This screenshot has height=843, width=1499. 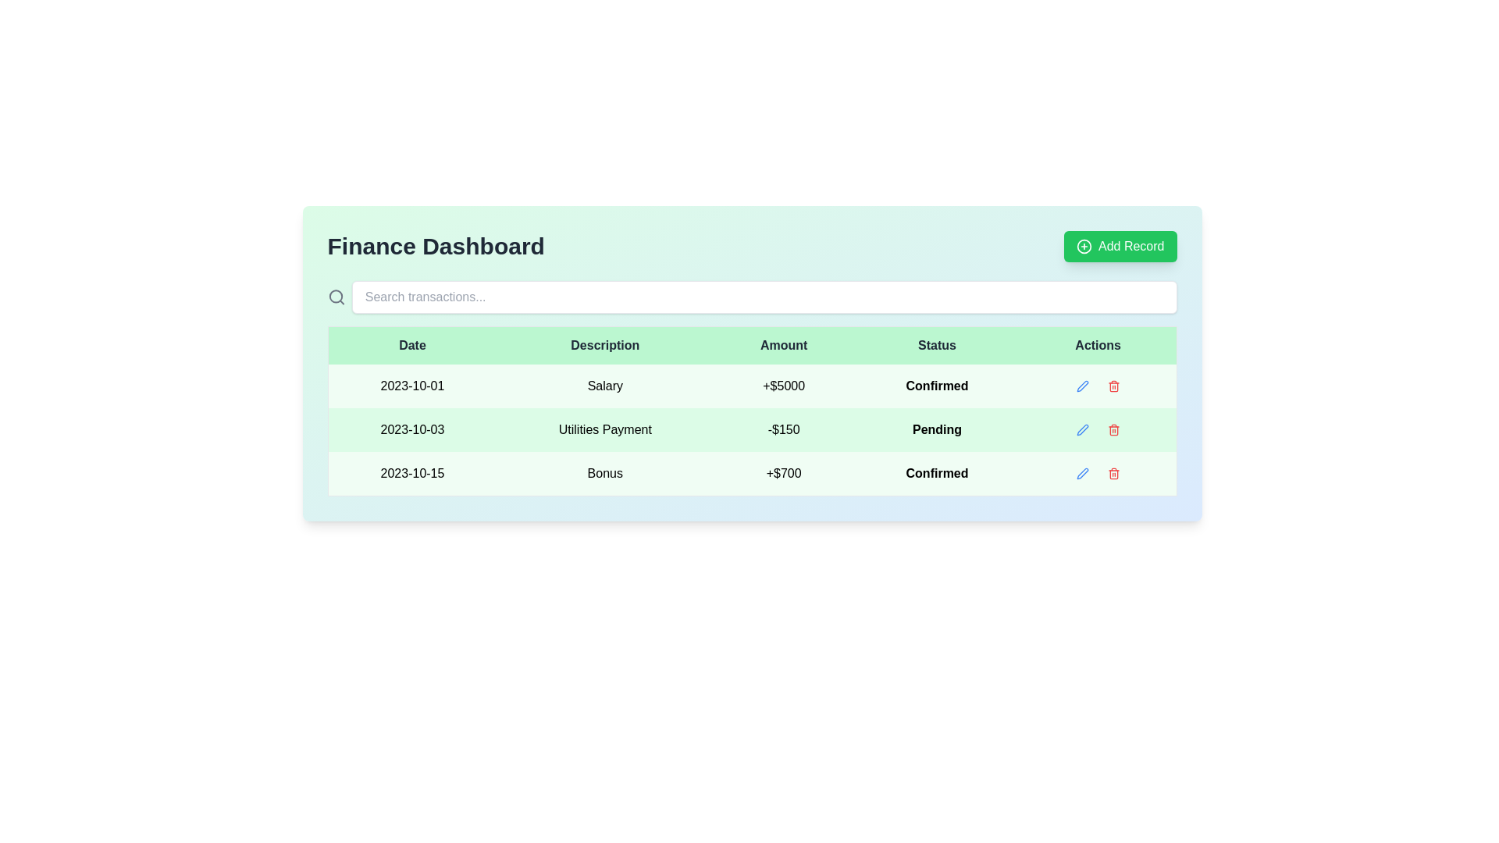 What do you see at coordinates (1113, 386) in the screenshot?
I see `the delete button located in the bottom-right corner of the row for '2023-10-01' in the Actions column` at bounding box center [1113, 386].